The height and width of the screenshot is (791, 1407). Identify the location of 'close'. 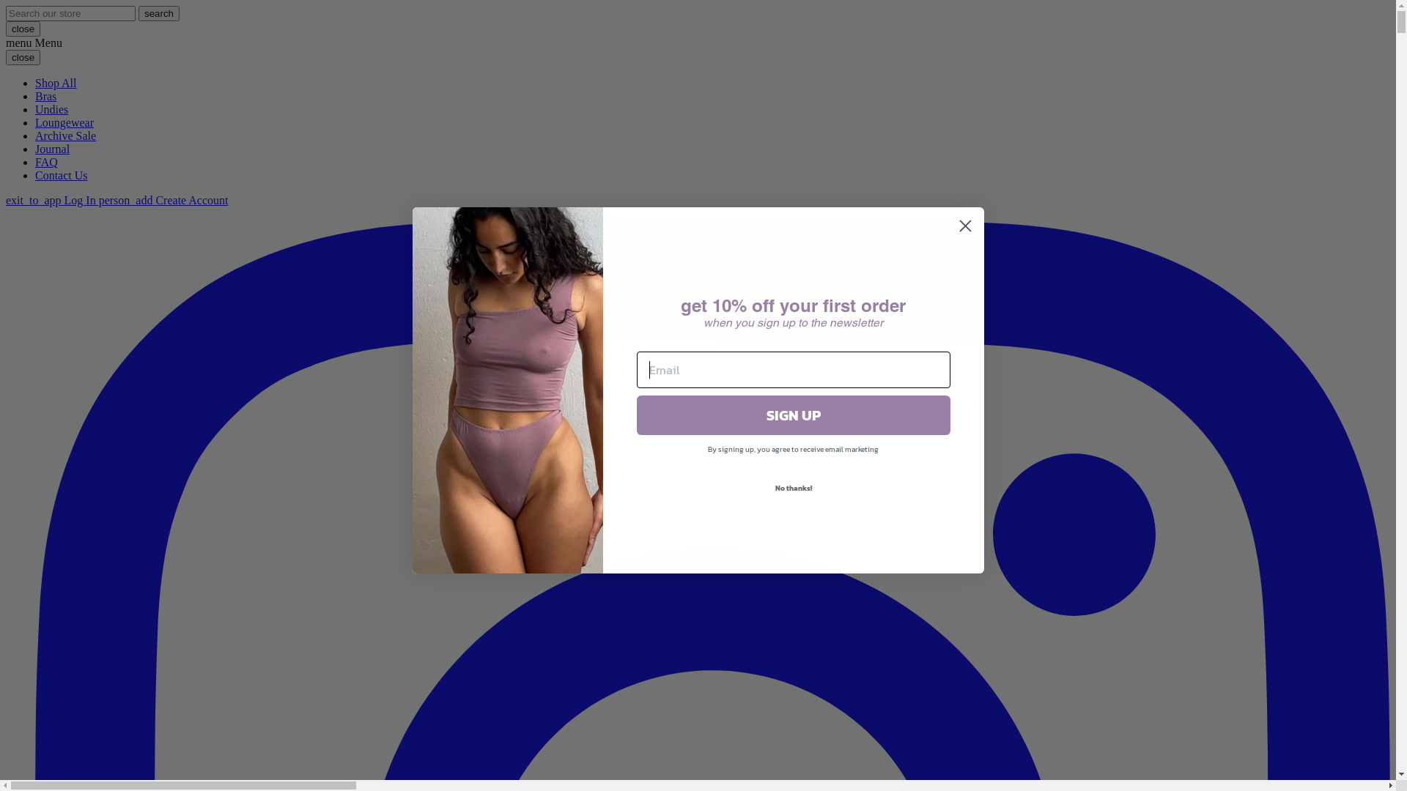
(23, 29).